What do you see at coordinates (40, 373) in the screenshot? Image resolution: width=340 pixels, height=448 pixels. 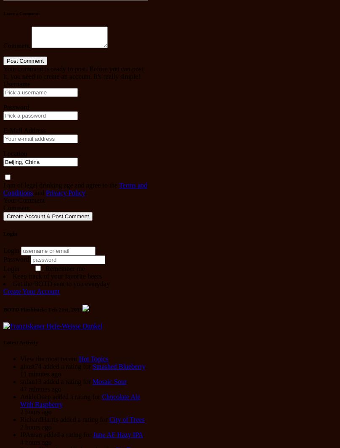 I see `'11 minutes ago'` at bounding box center [40, 373].